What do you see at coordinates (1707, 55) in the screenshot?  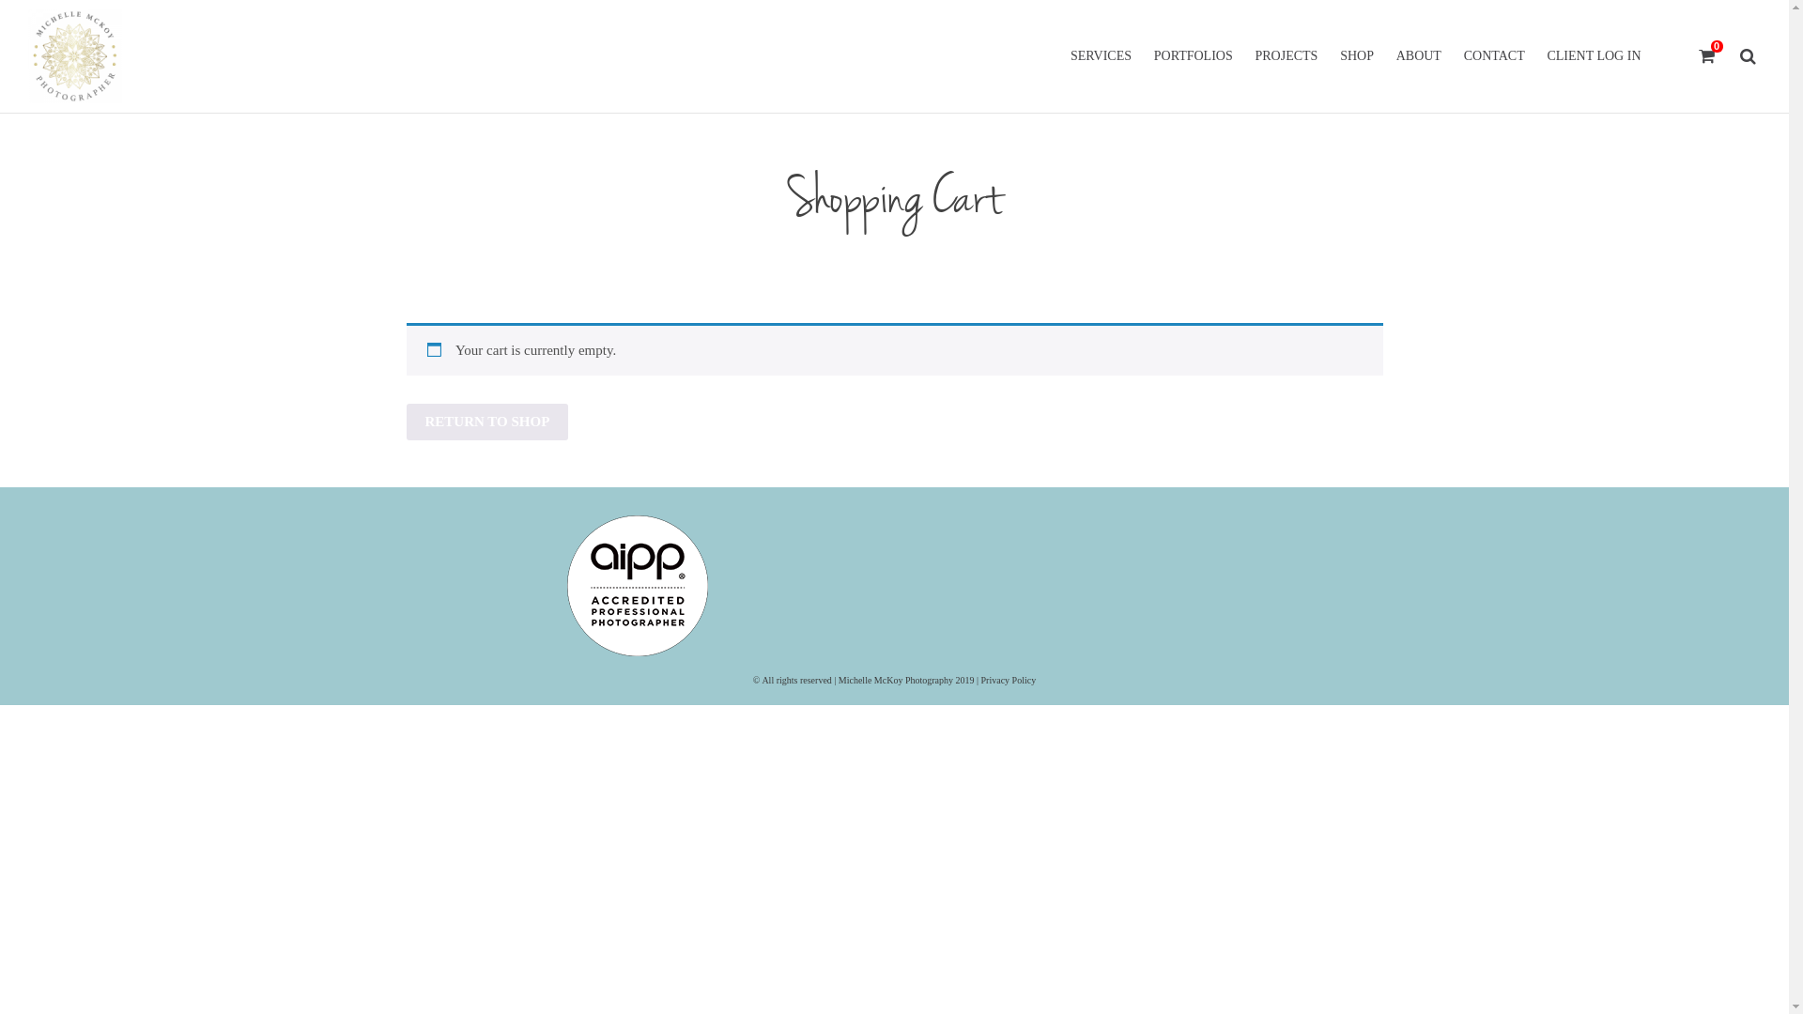 I see `'0'` at bounding box center [1707, 55].